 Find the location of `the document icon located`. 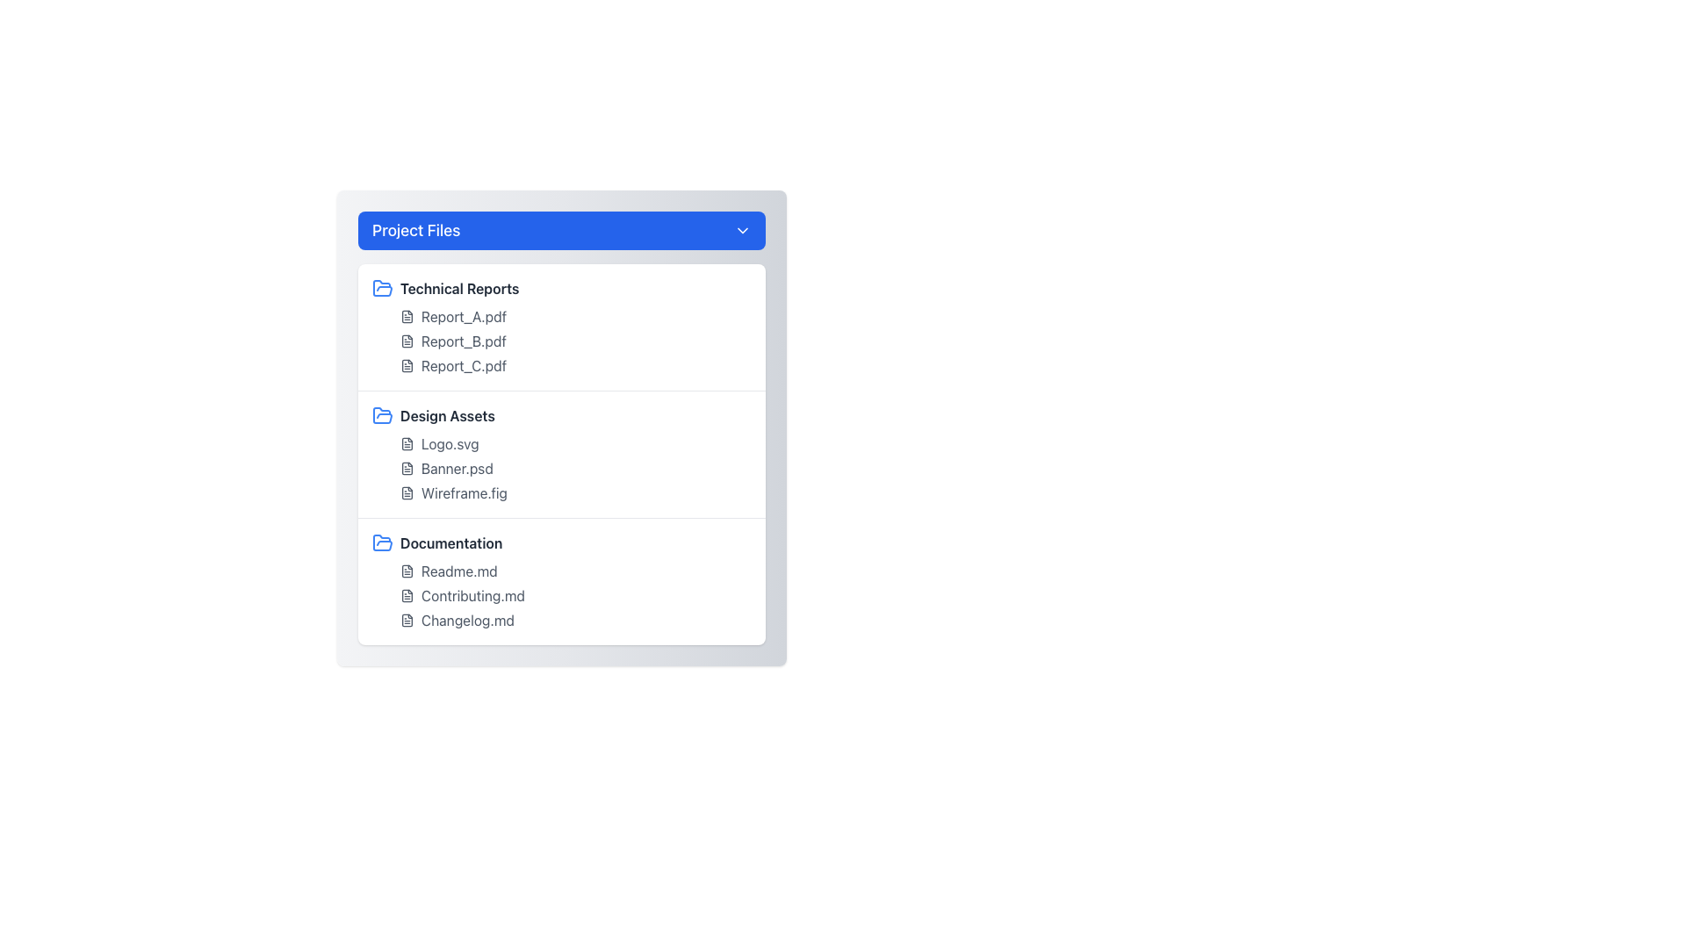

the document icon located is located at coordinates (407, 594).